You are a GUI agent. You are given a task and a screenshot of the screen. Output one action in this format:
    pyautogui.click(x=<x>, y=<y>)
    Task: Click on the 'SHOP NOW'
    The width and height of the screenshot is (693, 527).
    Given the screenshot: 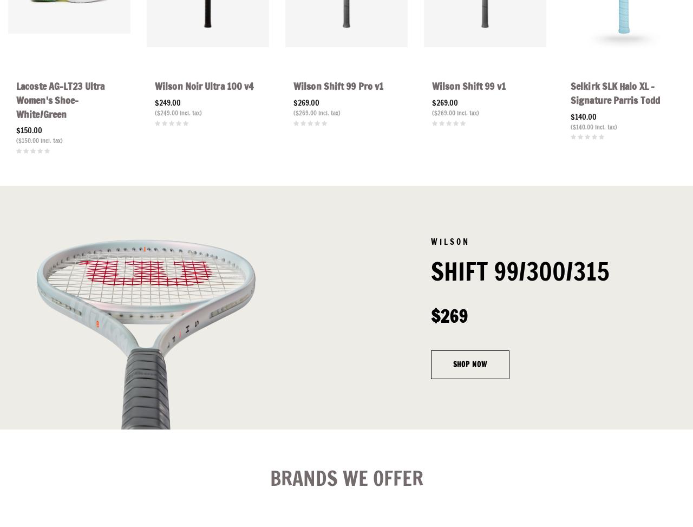 What is the action you would take?
    pyautogui.click(x=452, y=364)
    